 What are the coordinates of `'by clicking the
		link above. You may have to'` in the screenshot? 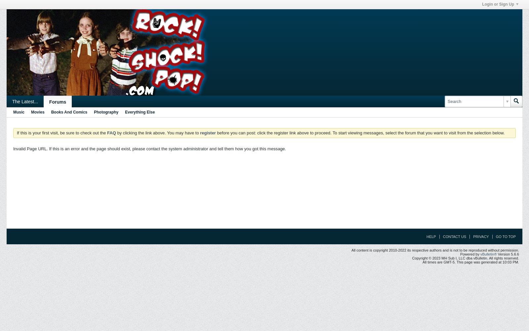 It's located at (157, 133).